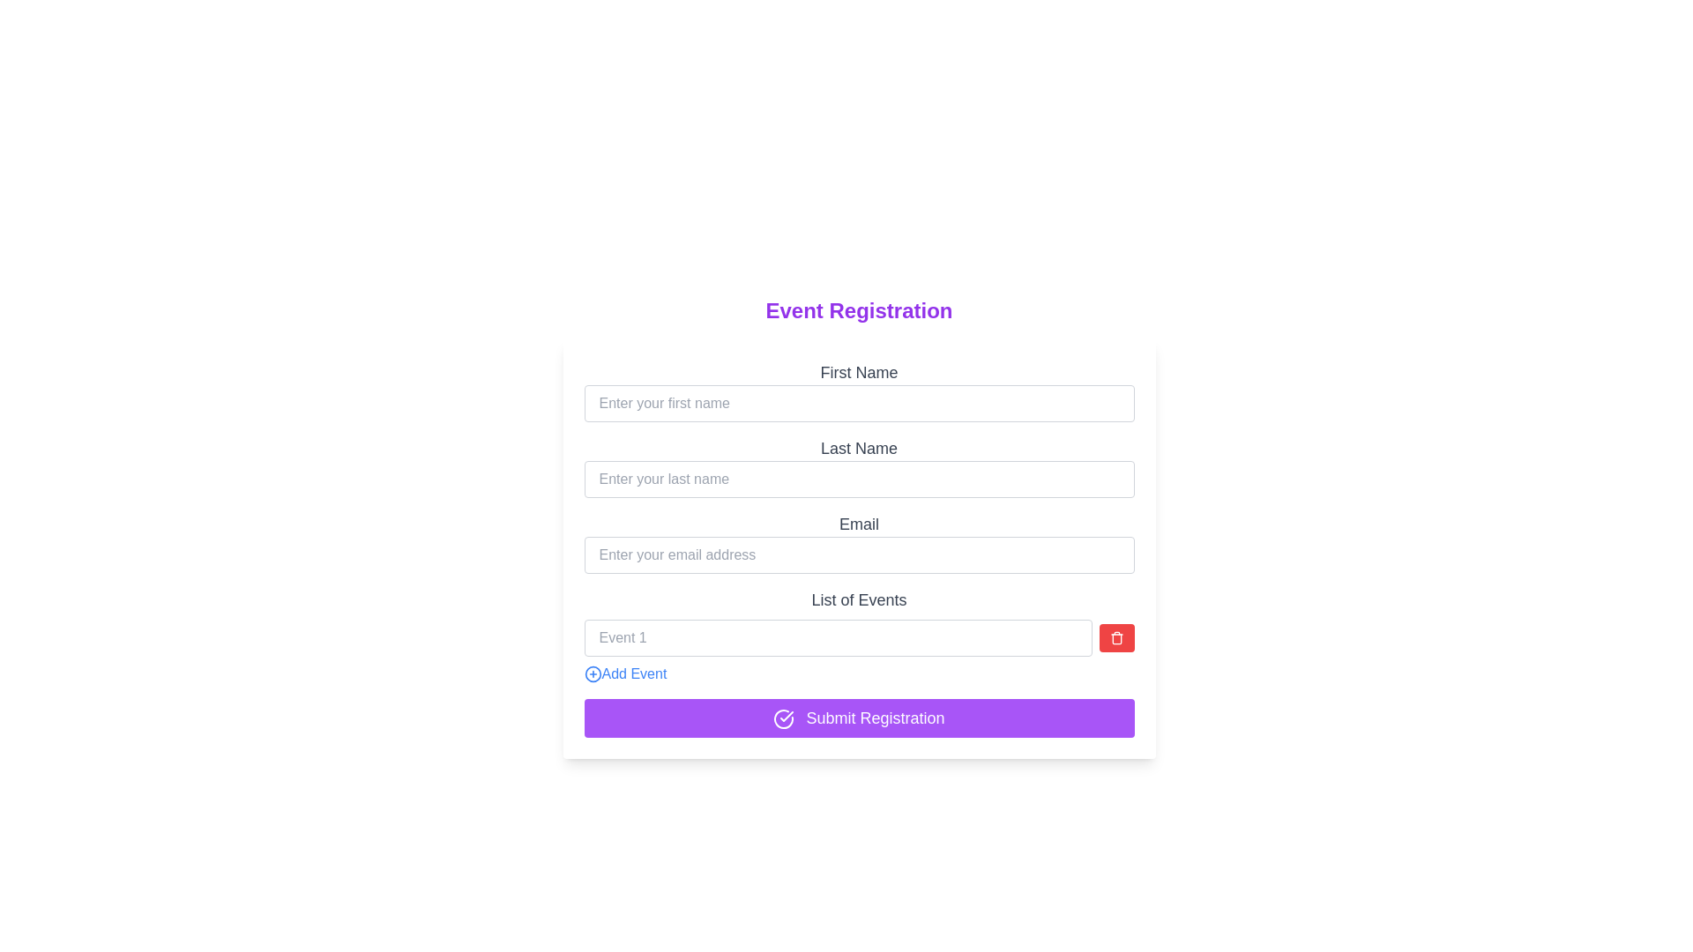 This screenshot has width=1693, height=952. What do you see at coordinates (593, 673) in the screenshot?
I see `the vector graphic icon embedded in the 'Add Event' button located below the 'List of Events' field` at bounding box center [593, 673].